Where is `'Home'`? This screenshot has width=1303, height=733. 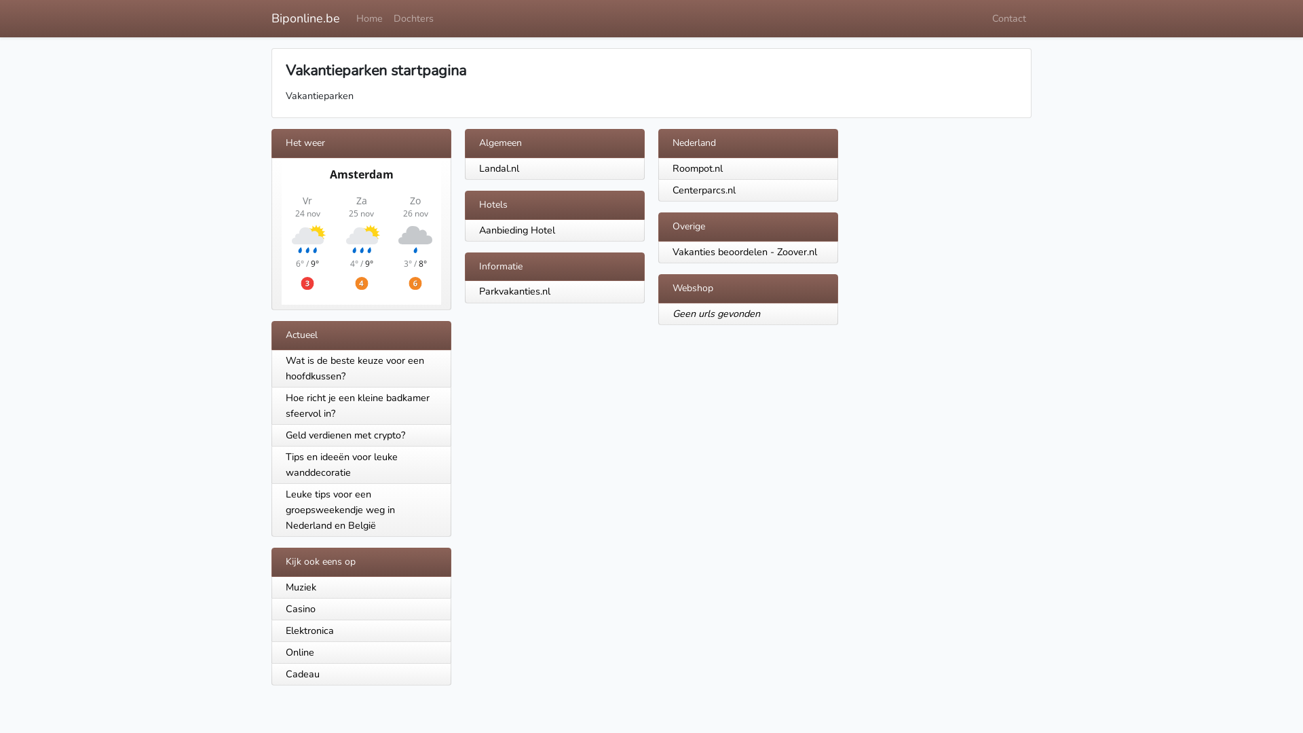
'Home' is located at coordinates (351, 18).